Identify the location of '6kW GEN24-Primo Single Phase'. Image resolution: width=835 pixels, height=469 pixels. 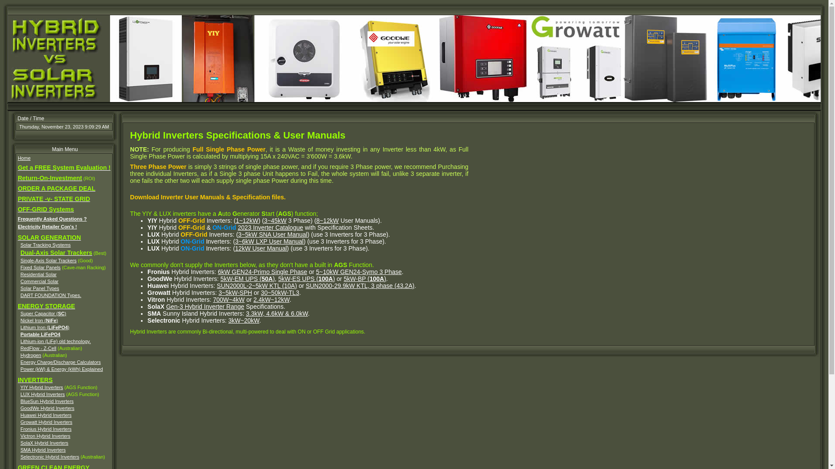
(217, 271).